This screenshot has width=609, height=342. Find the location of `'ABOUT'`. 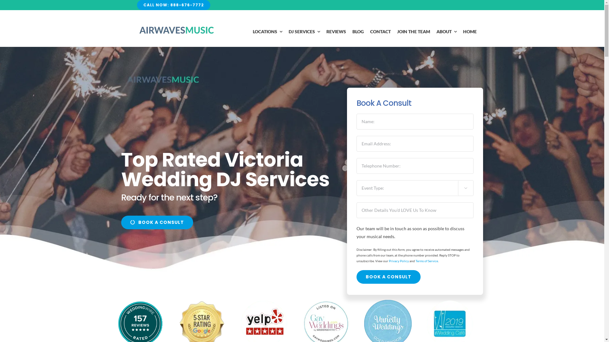

'ABOUT' is located at coordinates (436, 32).